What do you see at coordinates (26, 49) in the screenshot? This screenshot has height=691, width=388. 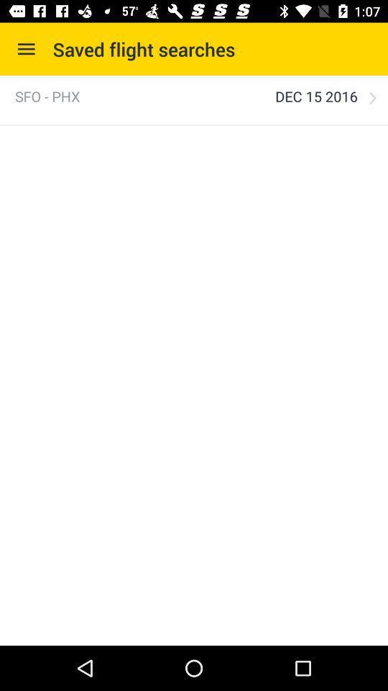 I see `item above the sfo - phx item` at bounding box center [26, 49].